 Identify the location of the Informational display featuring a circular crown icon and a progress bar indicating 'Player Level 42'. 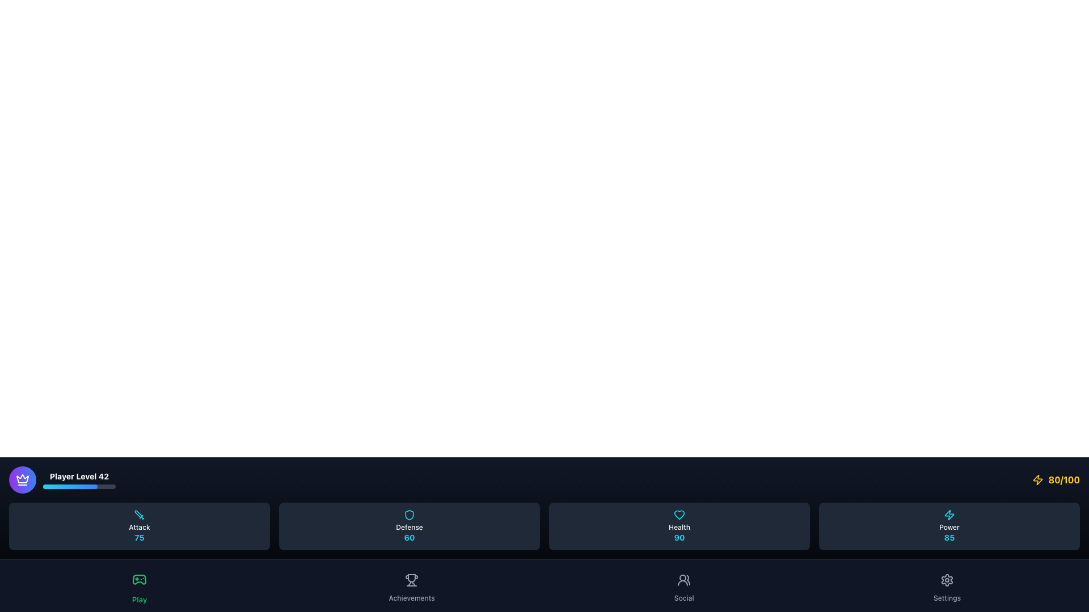
(62, 480).